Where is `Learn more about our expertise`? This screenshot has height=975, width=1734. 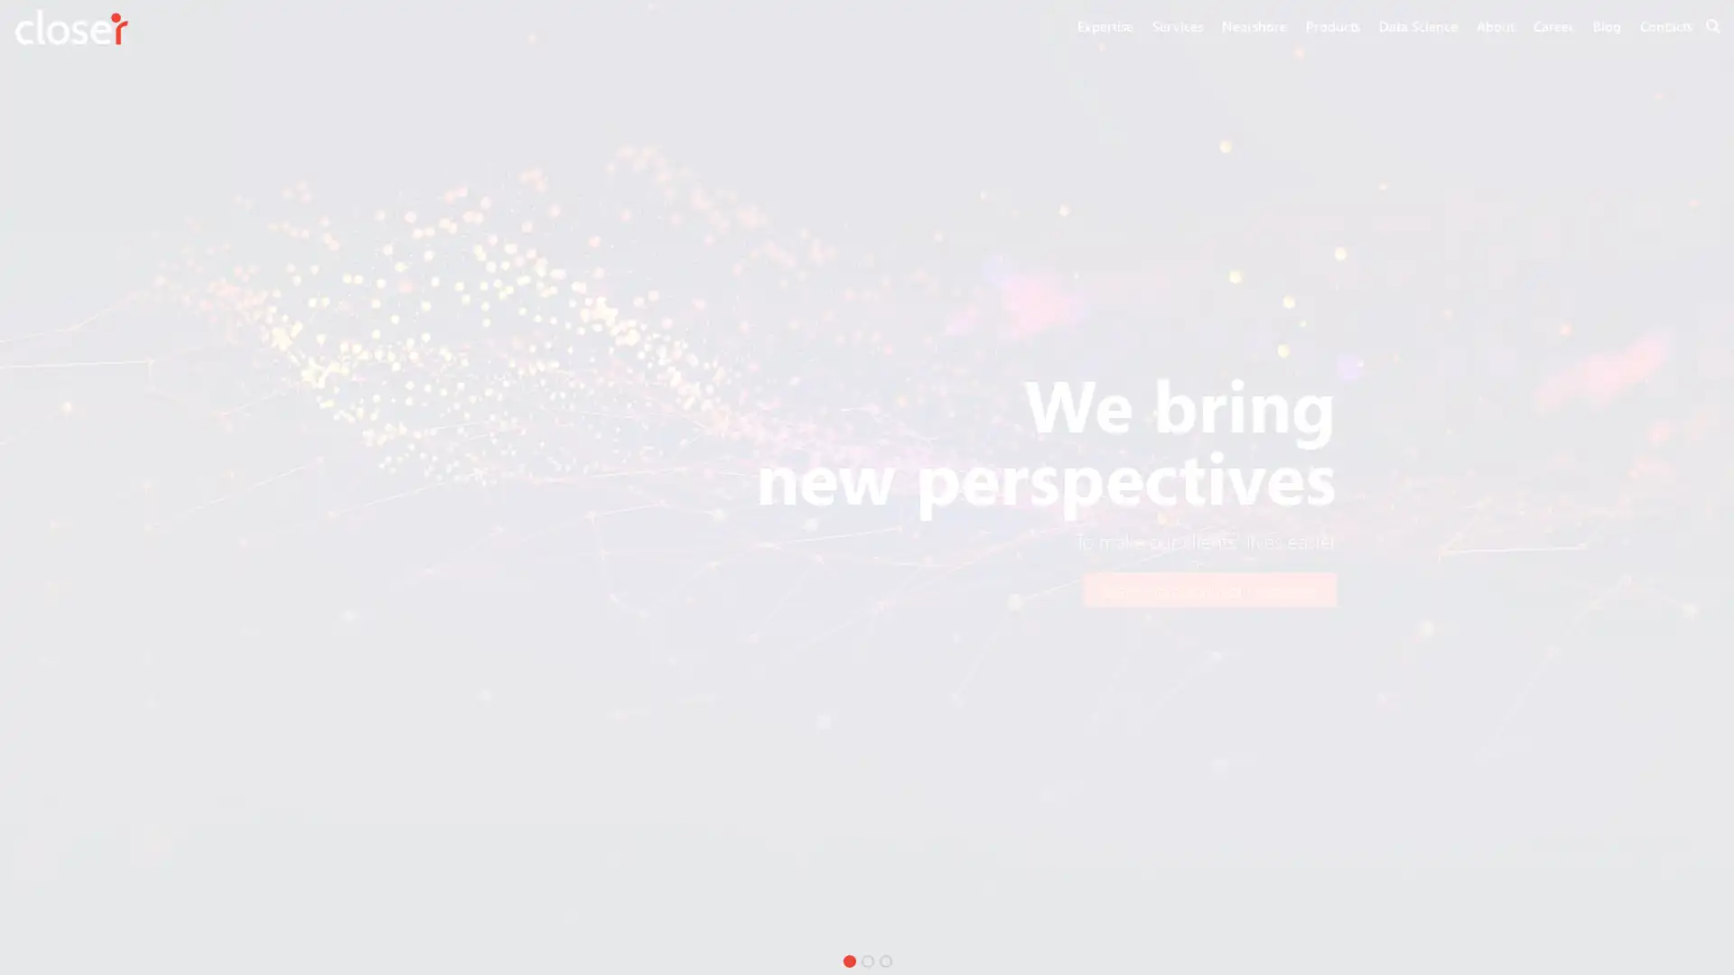
Learn more about our expertise is located at coordinates (1209, 590).